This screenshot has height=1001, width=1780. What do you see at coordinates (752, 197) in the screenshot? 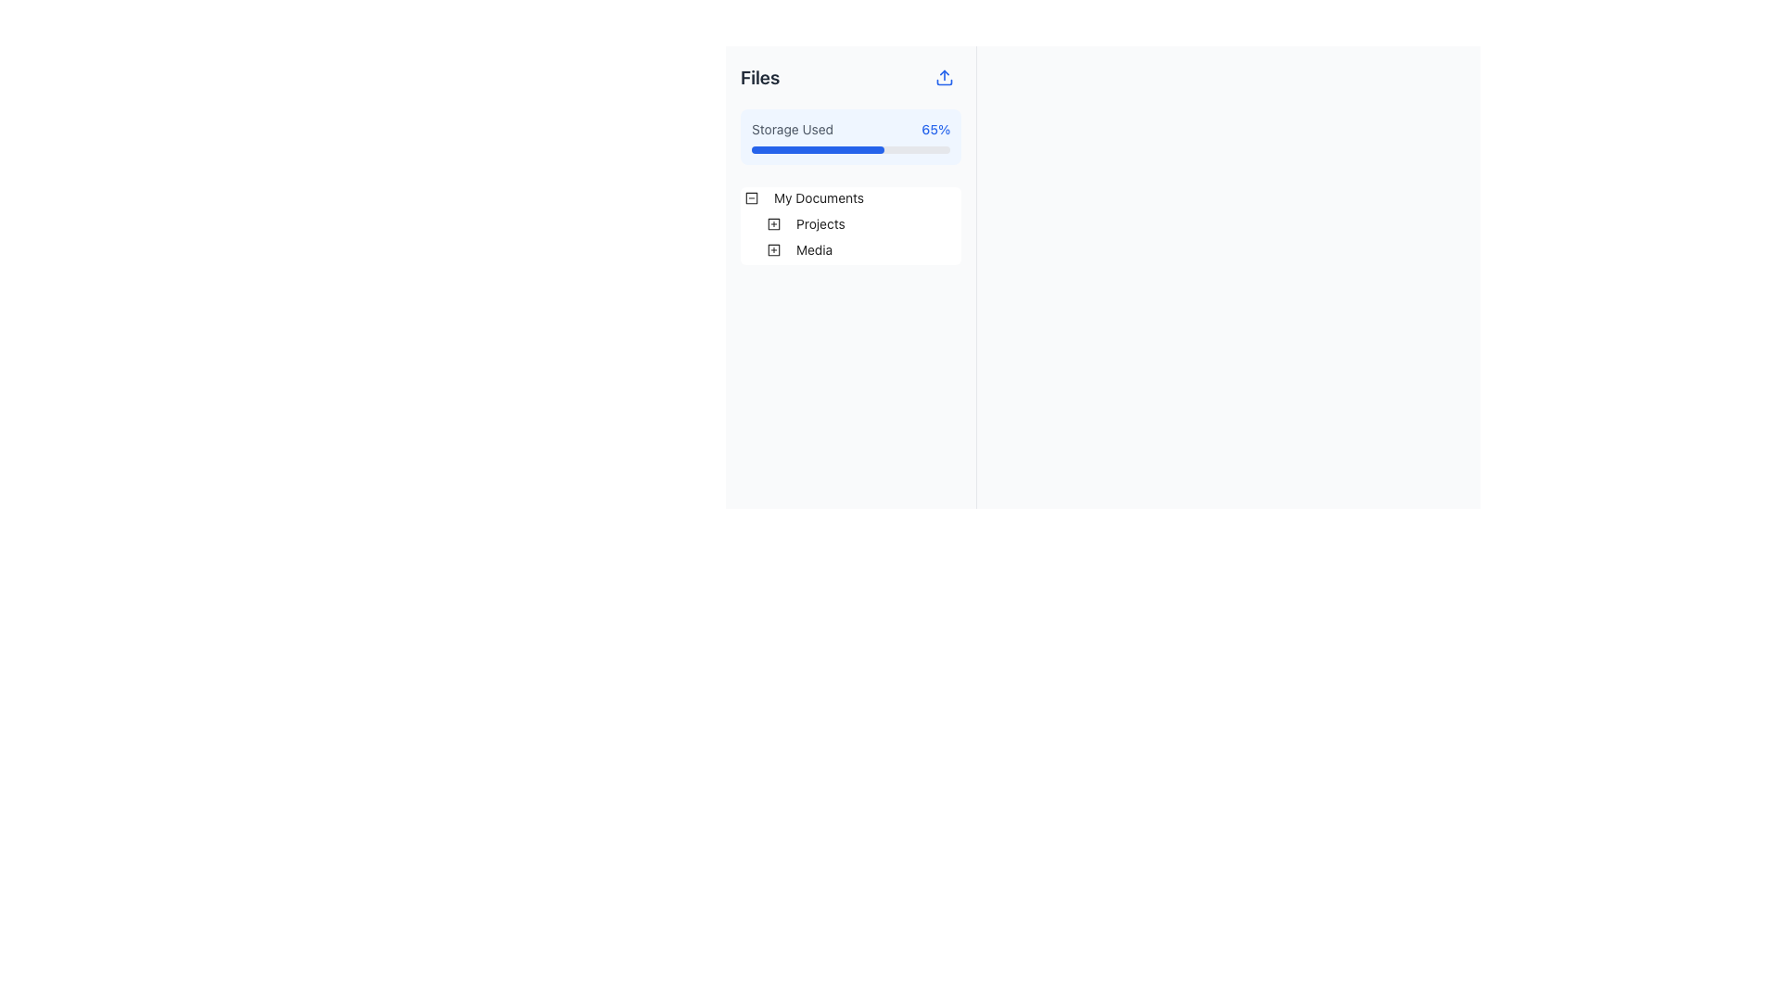
I see `the Toggle Button element with a minus sign, located to the left of 'My Documents' in the vertical file tree structure, to indicate interactivity` at bounding box center [752, 197].